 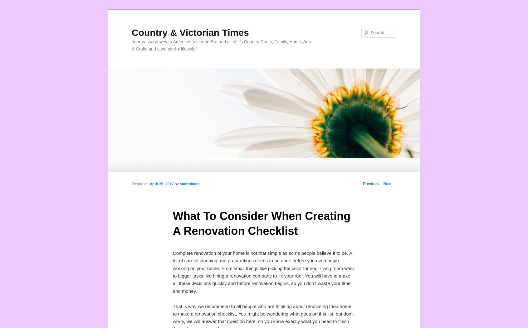 I want to click on 'What To Consider When Creating A Renovation Checklist', so click(x=262, y=223).